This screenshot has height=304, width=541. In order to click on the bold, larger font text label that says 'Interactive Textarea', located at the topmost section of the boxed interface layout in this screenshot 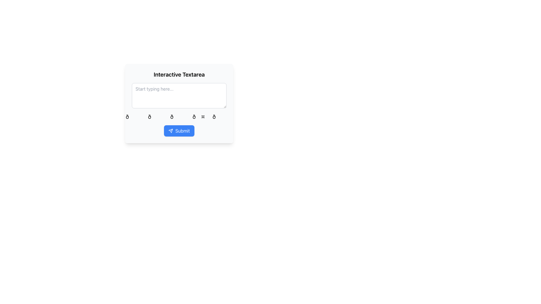, I will do `click(179, 74)`.